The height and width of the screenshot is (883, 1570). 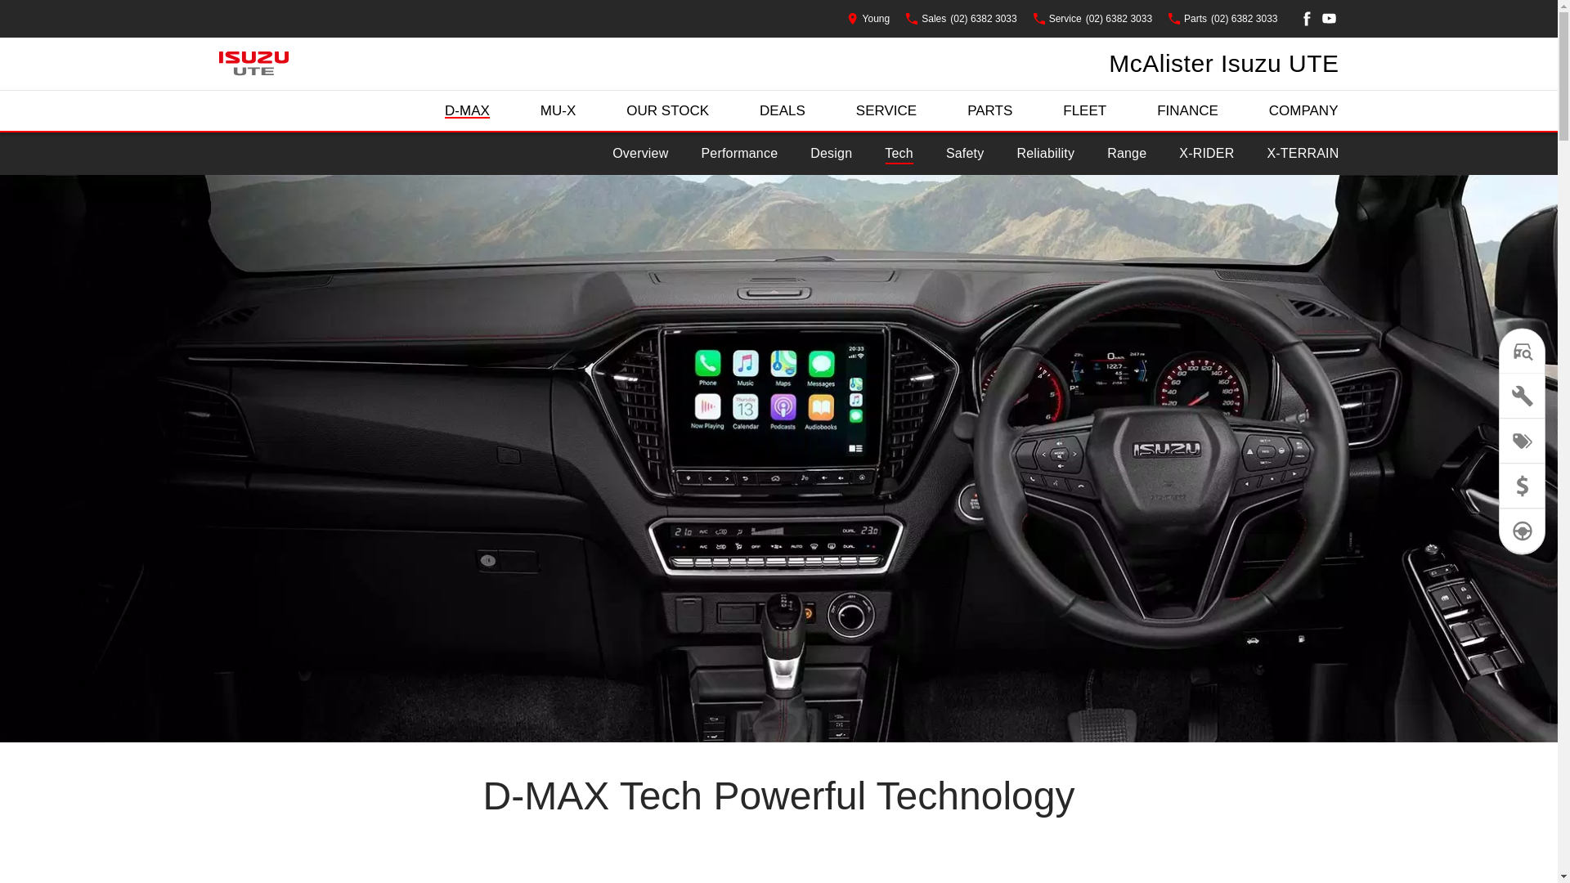 I want to click on 'X-TERRAIN', so click(x=1302, y=154).